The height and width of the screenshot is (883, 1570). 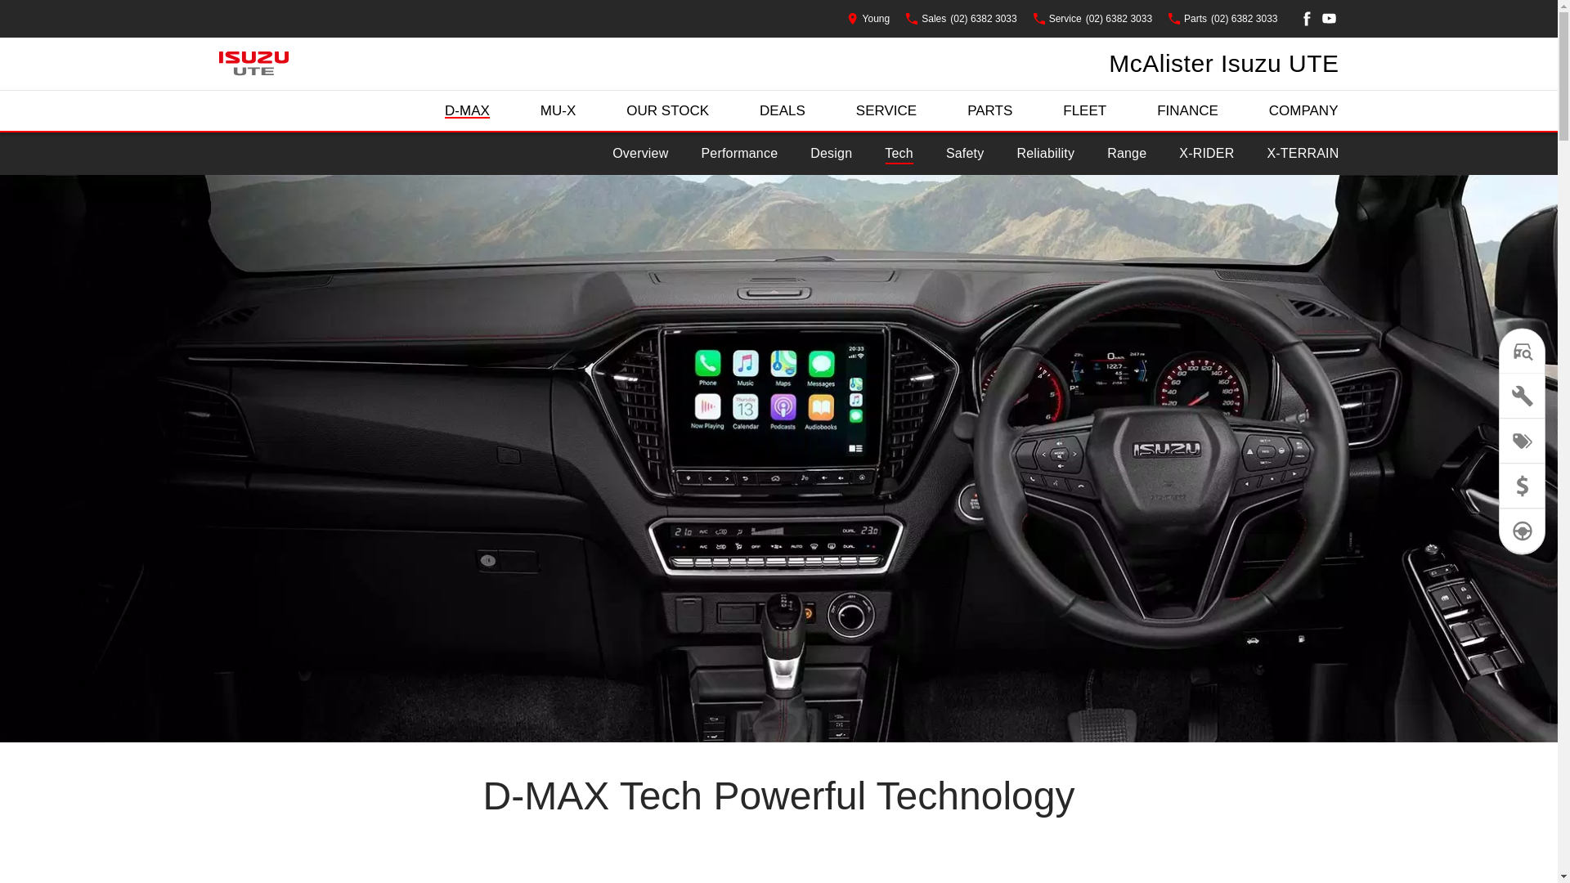 I want to click on 'X-TERRAIN', so click(x=1302, y=154).